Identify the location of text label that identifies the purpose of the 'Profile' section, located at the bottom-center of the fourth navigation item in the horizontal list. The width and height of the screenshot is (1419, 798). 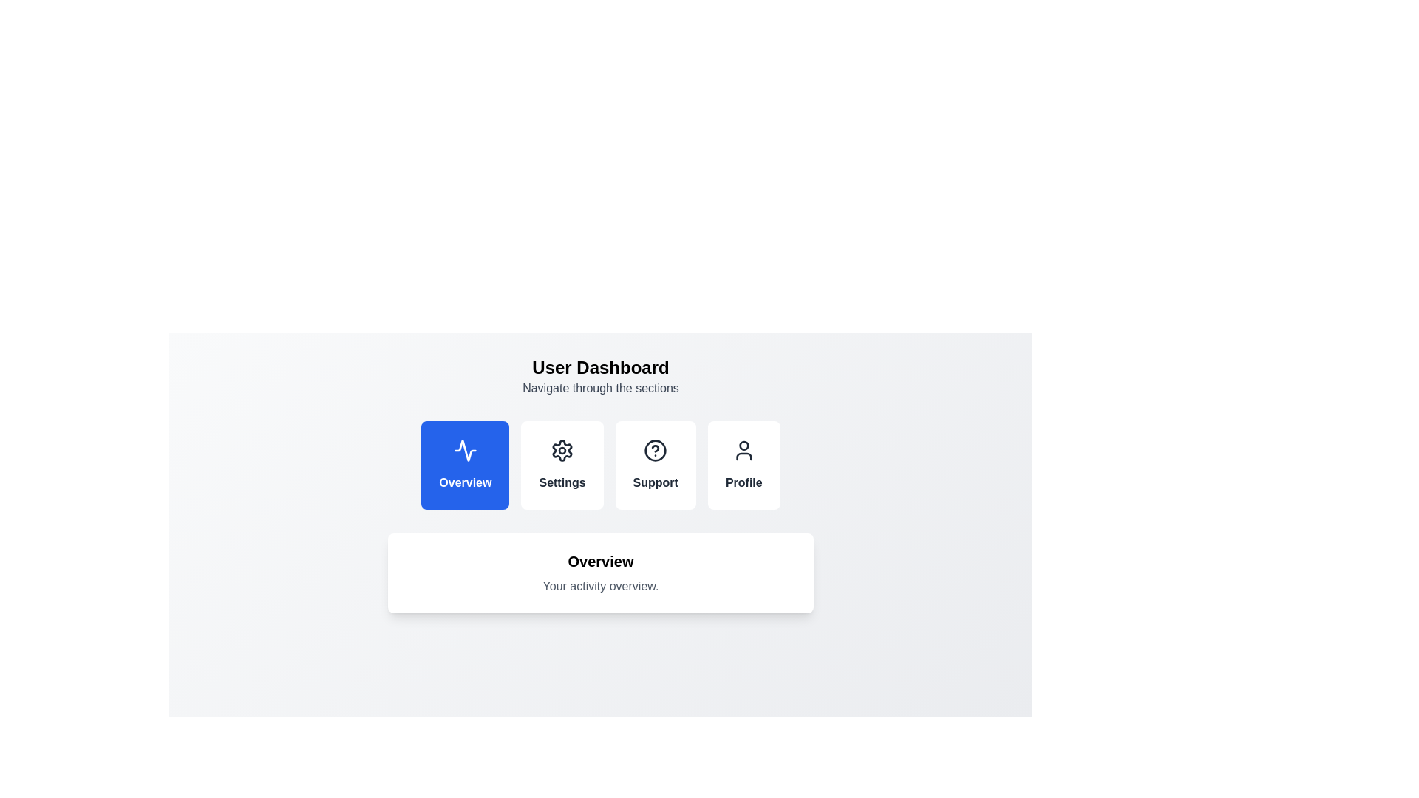
(743, 483).